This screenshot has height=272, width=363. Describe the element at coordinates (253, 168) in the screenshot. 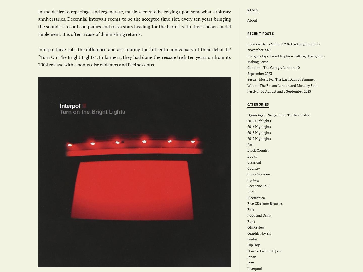

I see `'Country'` at that location.